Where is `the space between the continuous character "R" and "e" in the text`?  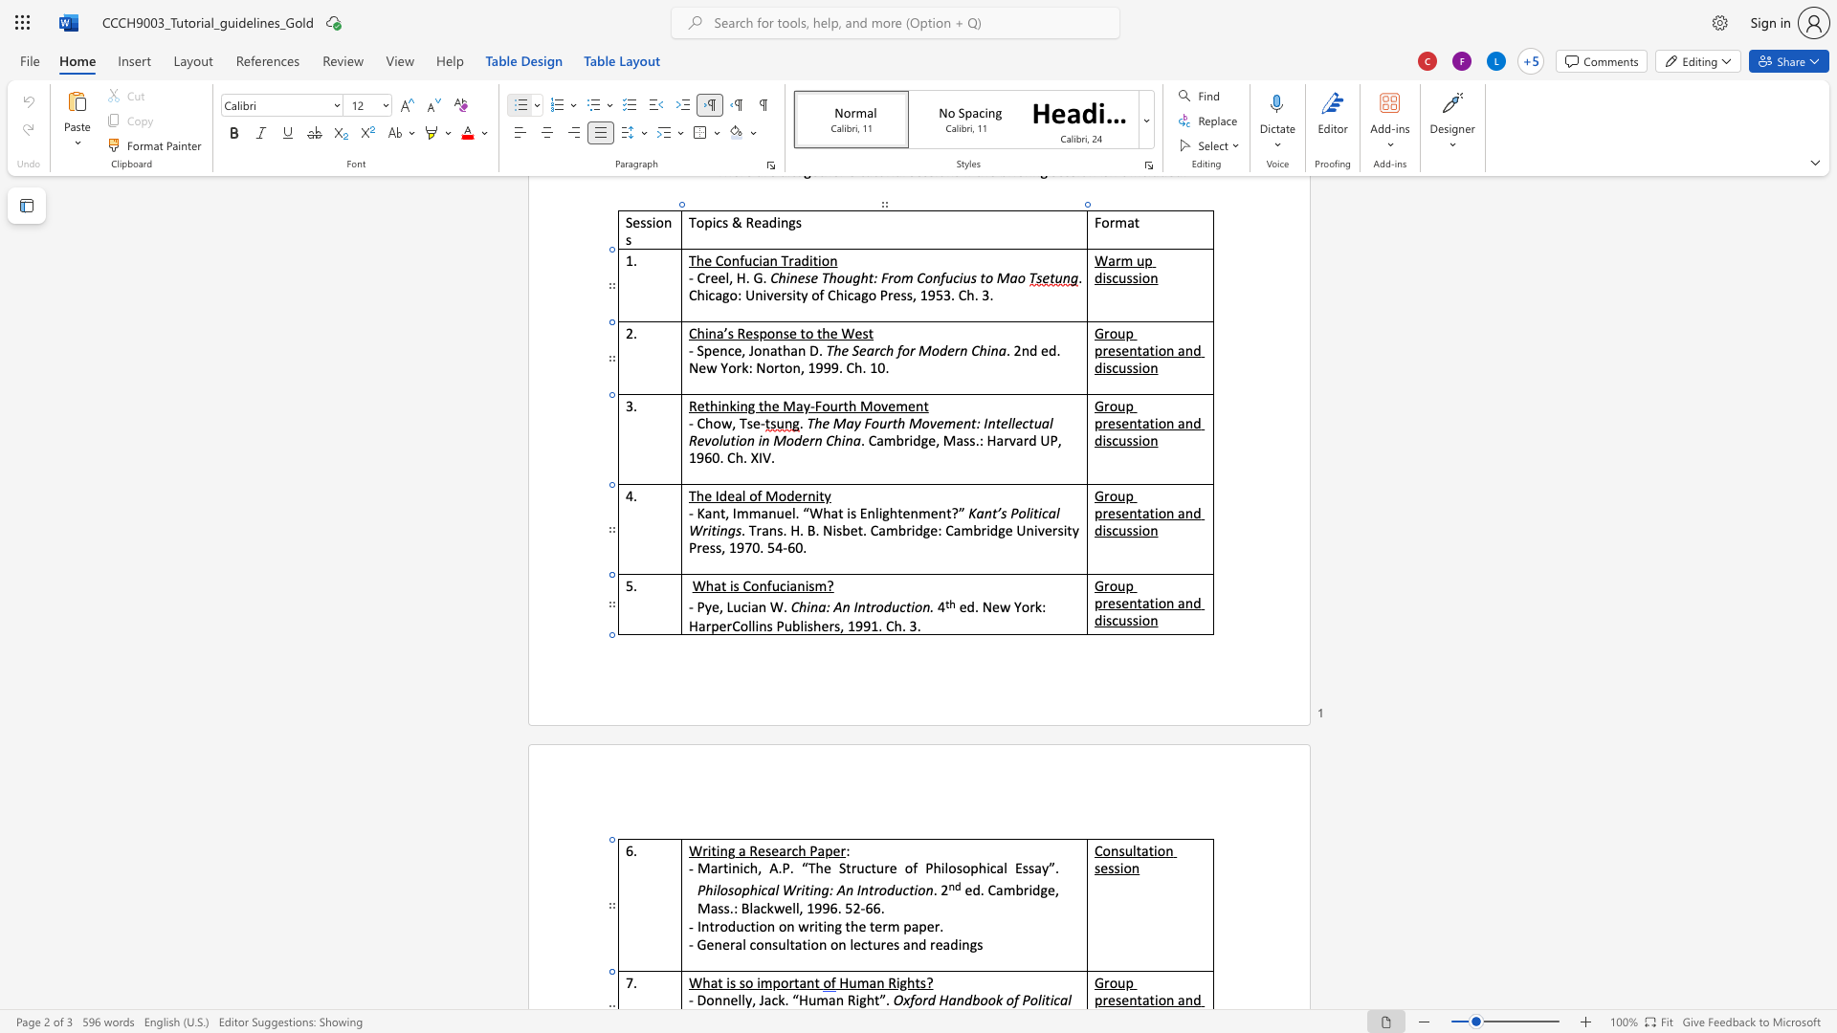 the space between the continuous character "R" and "e" in the text is located at coordinates (756, 849).